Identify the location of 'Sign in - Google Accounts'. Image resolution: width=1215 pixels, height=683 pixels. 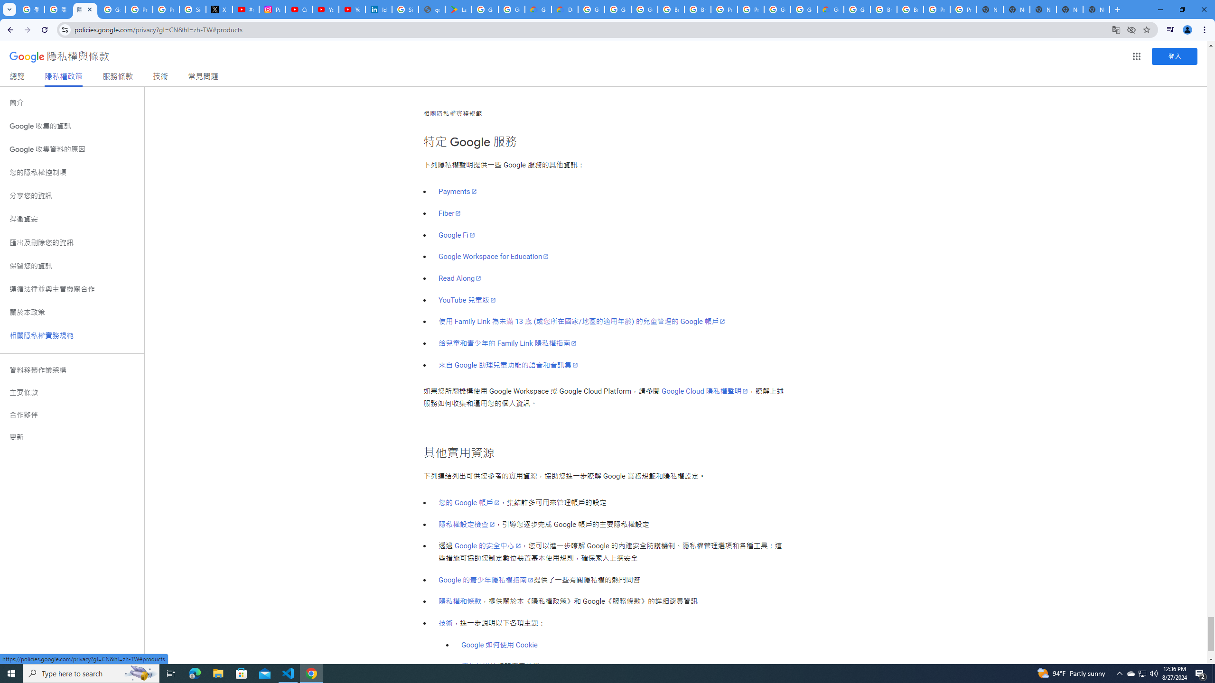
(192, 9).